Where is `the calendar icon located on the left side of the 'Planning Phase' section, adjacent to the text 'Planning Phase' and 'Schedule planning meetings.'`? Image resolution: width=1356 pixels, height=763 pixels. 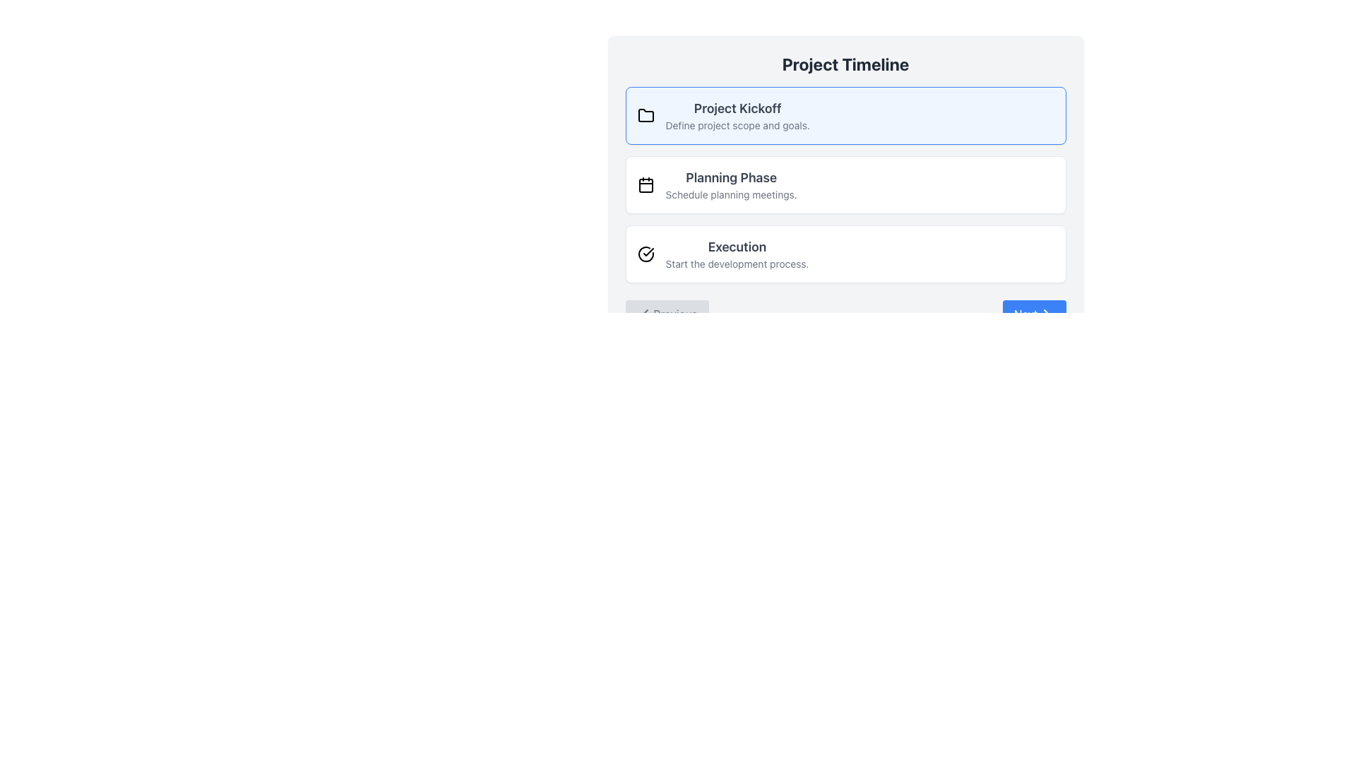 the calendar icon located on the left side of the 'Planning Phase' section, adjacent to the text 'Planning Phase' and 'Schedule planning meetings.' is located at coordinates (645, 184).